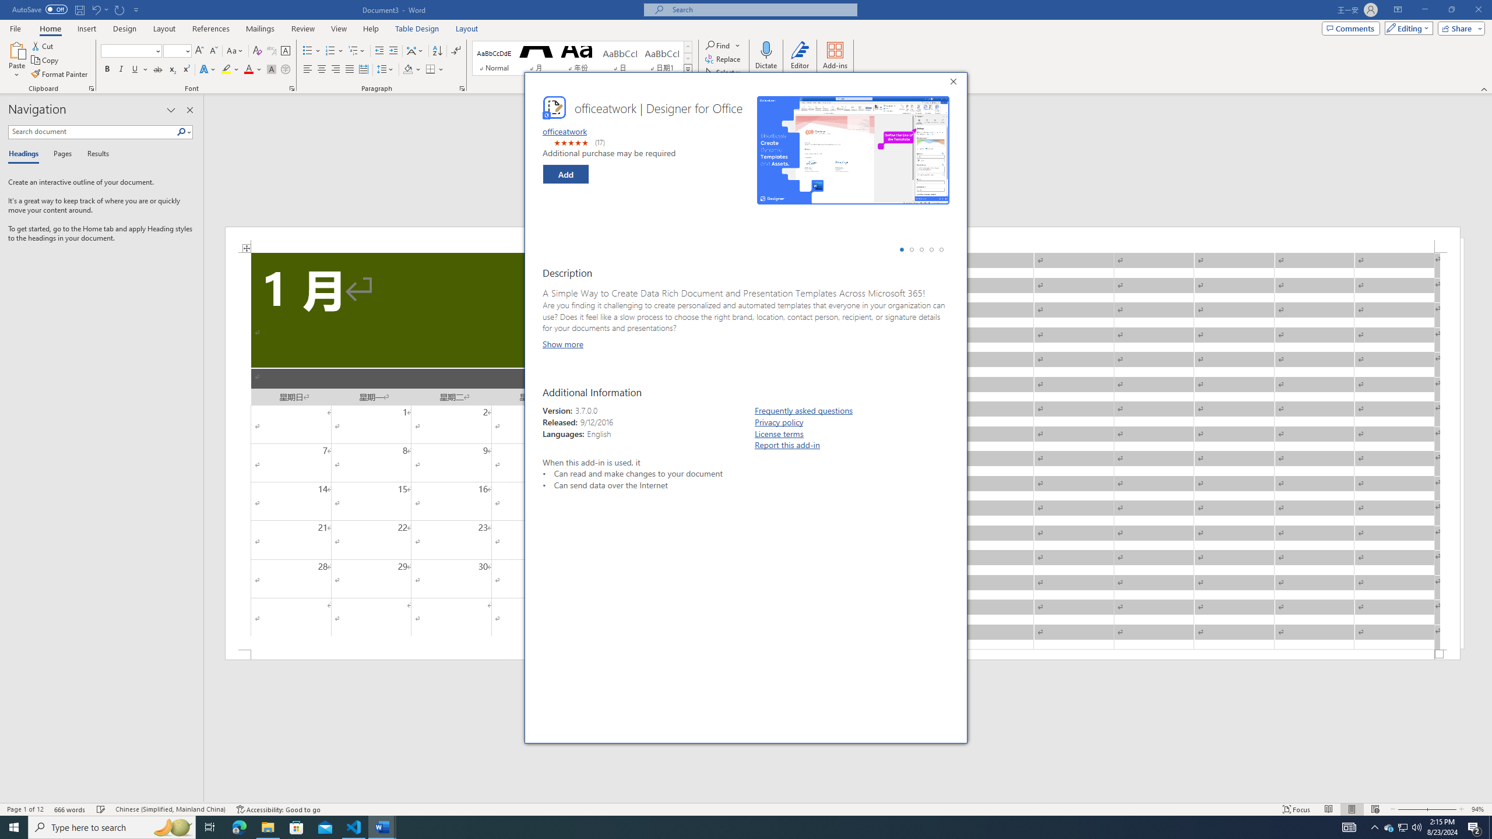 The image size is (1492, 839). I want to click on 'Go to screenshot 4', so click(931, 249).